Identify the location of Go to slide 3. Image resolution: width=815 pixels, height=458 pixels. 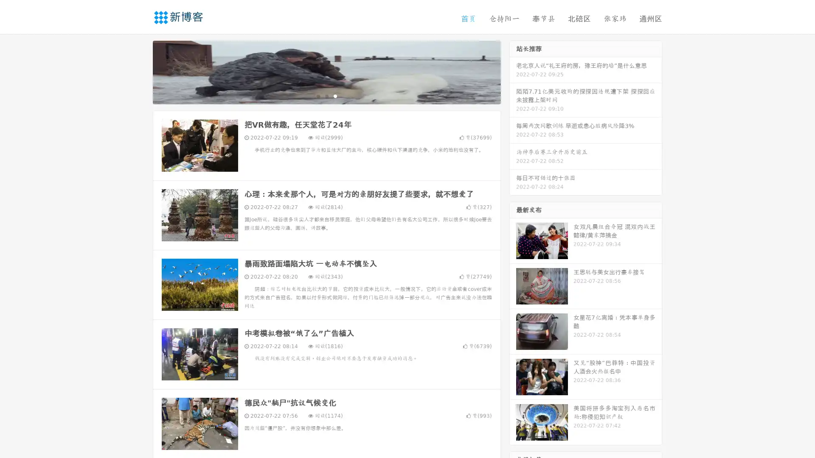
(335, 95).